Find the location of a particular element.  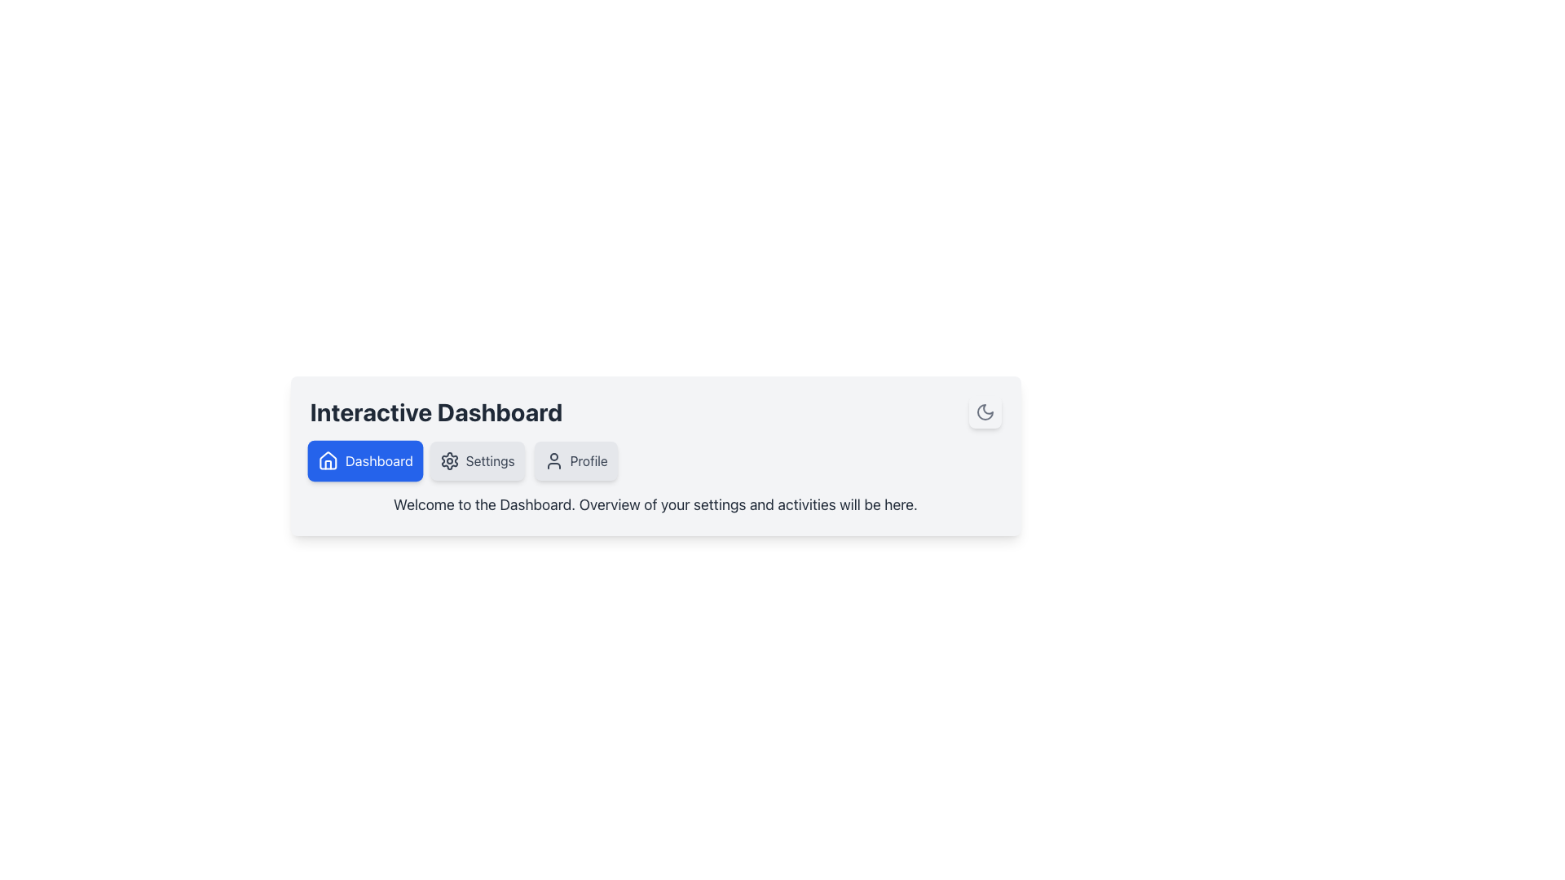

the Text Label within the button interface that represents a navigation link or action related to user or application settings is located at coordinates (489, 461).